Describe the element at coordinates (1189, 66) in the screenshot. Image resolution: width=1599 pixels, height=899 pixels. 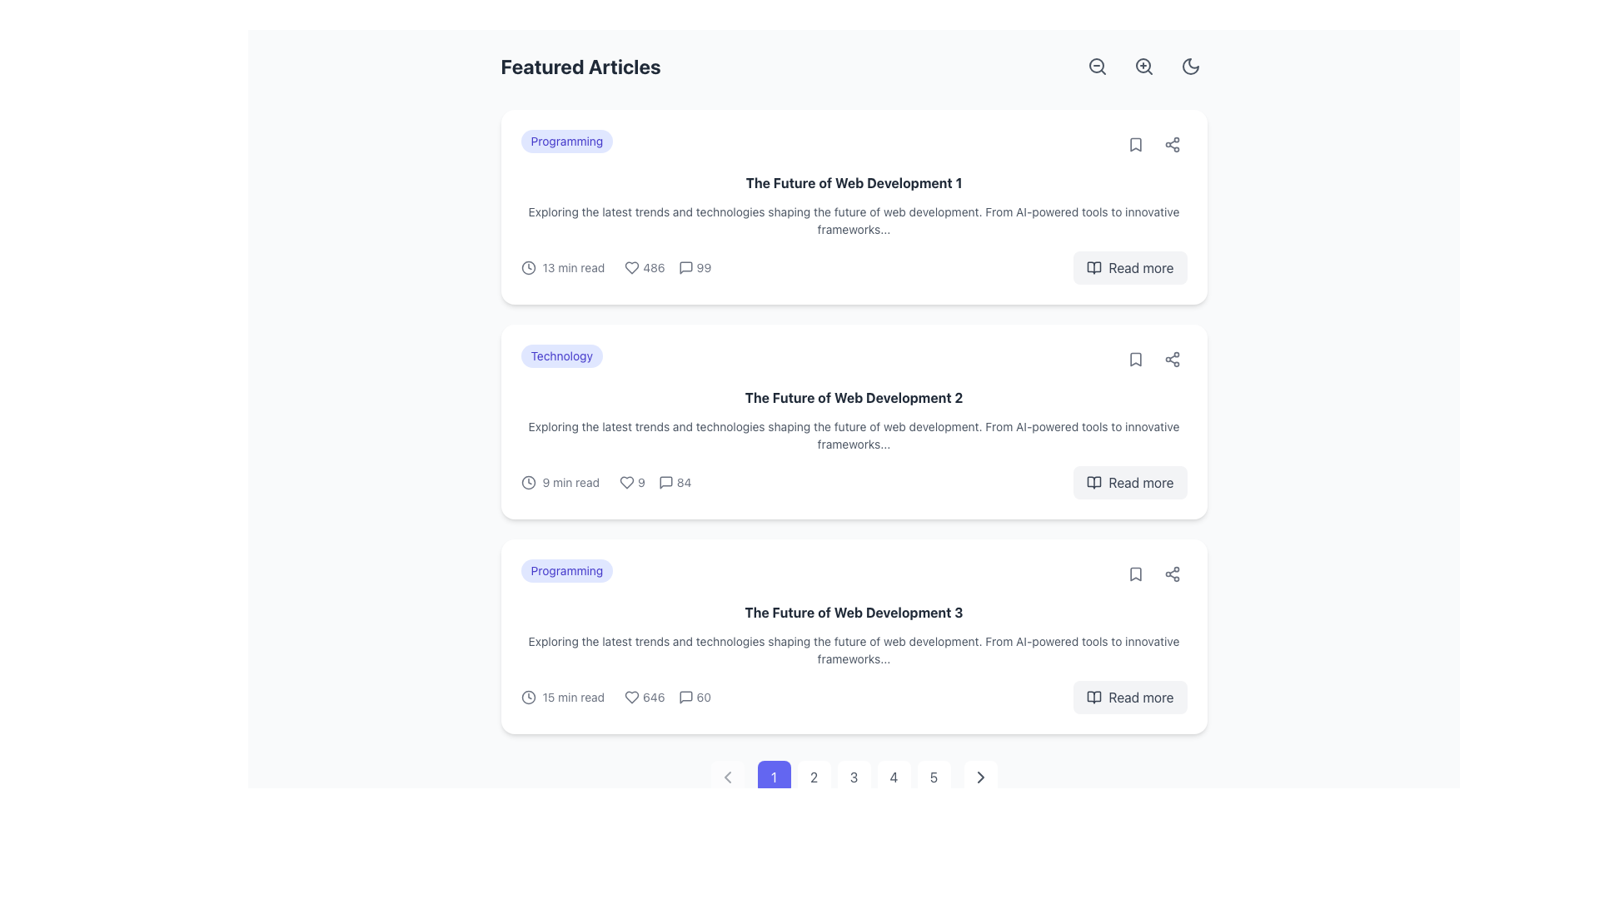
I see `the crescent moon icon located in the top-right corner of the user interface` at that location.